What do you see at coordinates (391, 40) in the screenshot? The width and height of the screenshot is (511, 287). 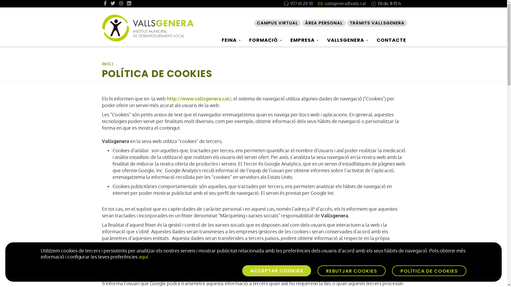 I see `'CONTACTE'` at bounding box center [391, 40].